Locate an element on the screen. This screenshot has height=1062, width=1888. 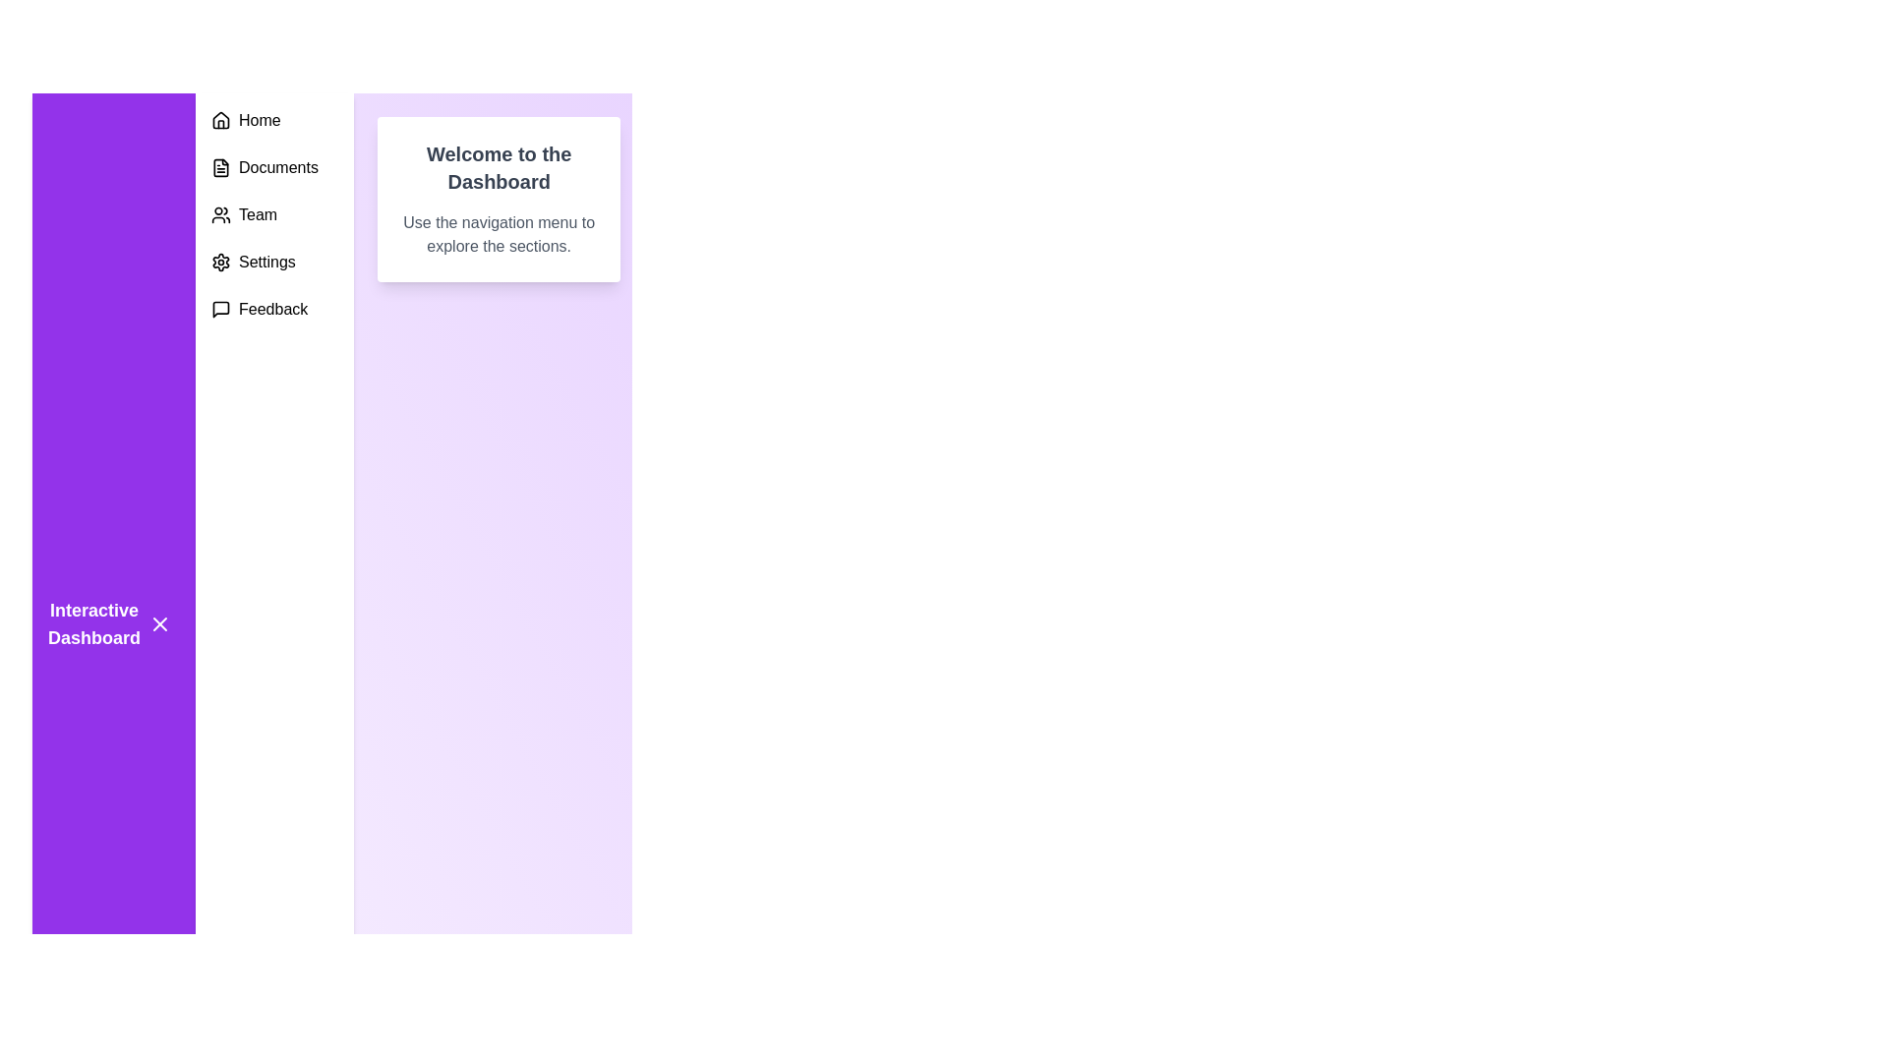
the 'Team' navigation menu item located in the vertical menu on the left side of the page is located at coordinates (273, 215).